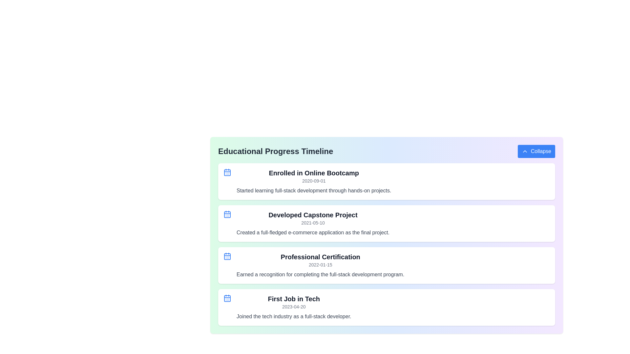 The height and width of the screenshot is (354, 630). Describe the element at coordinates (313, 232) in the screenshot. I see `the text reading 'Created a full-fledged e-commerce application as the final project.' located beneath the date '2021-05-10' in the 'Developed Capstone Project' section of the 'Educational Progress Timeline.'` at that location.